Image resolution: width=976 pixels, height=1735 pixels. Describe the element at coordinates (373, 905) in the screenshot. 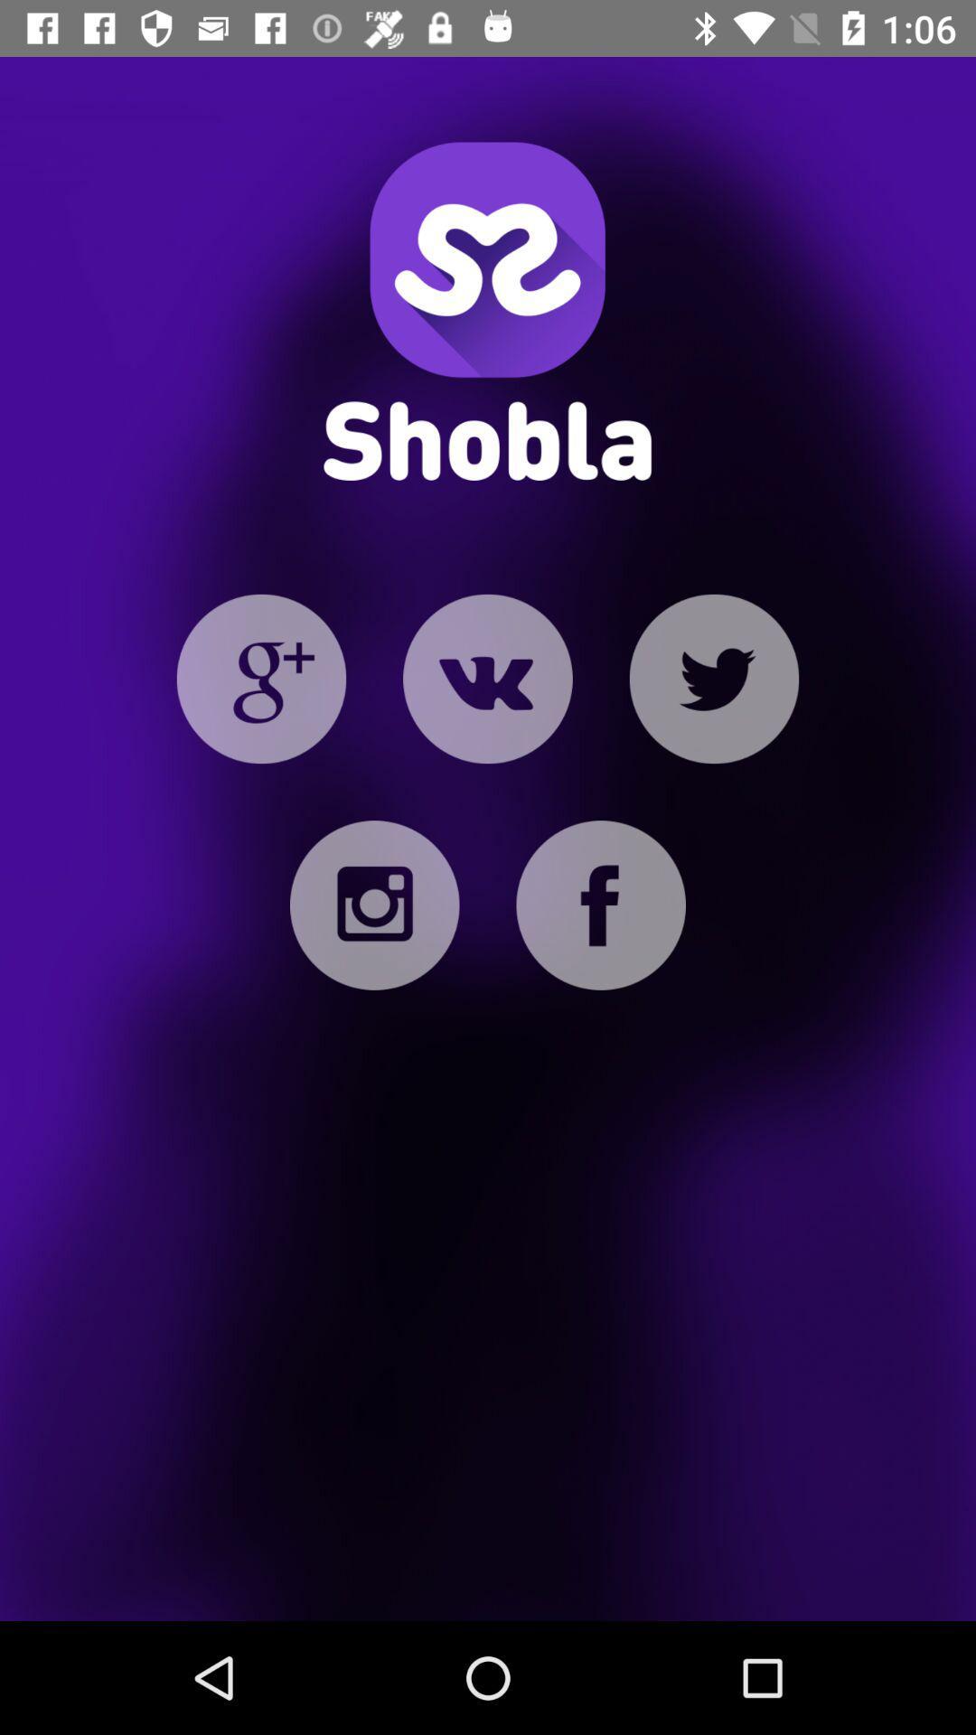

I see `camera` at that location.